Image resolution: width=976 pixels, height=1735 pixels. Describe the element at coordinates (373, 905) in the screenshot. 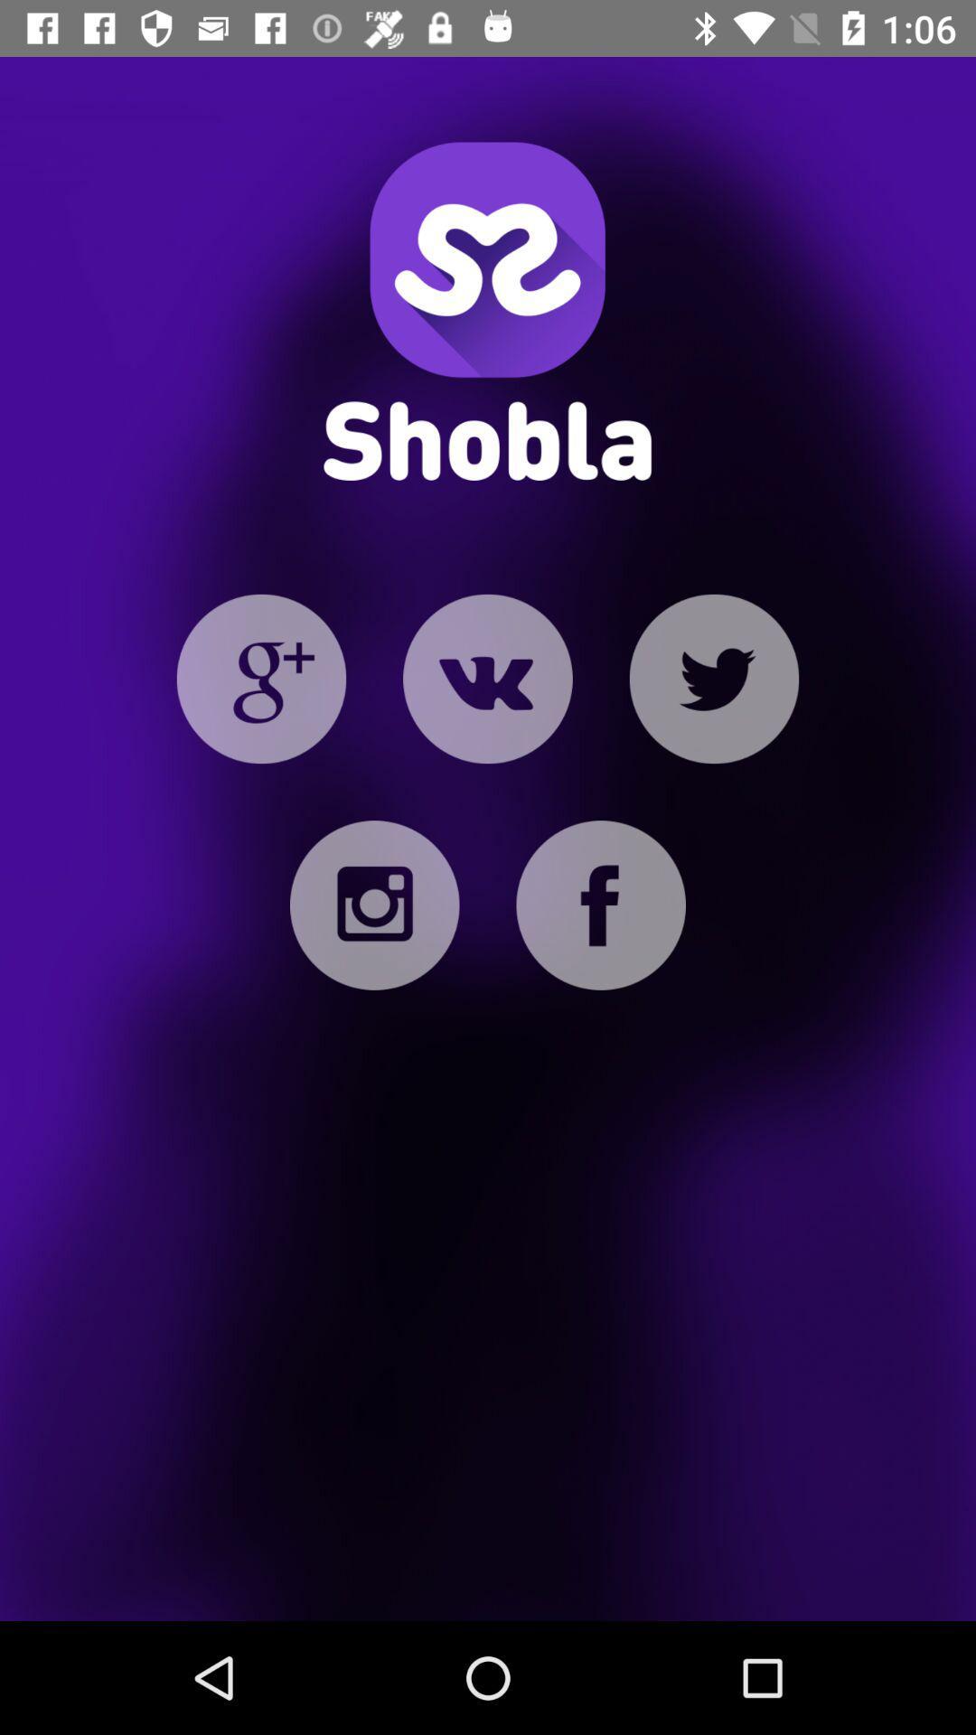

I see `camera` at that location.